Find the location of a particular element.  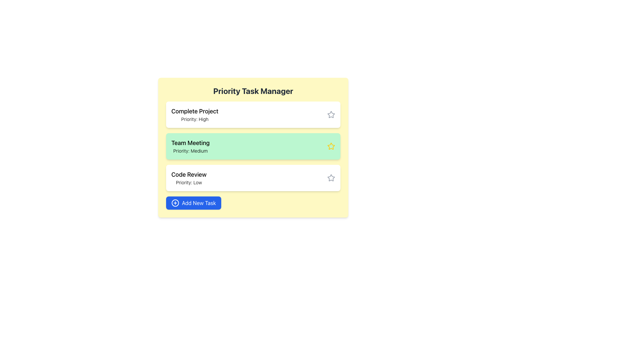

the green rectangular task entry labeled 'Team Meeting' is located at coordinates (253, 146).